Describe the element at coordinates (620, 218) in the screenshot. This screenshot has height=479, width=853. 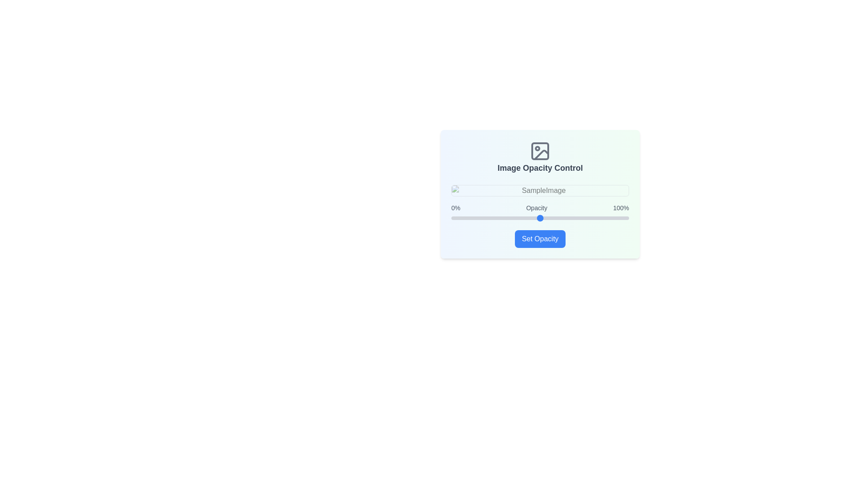
I see `the opacity slider to set the opacity to 95%` at that location.